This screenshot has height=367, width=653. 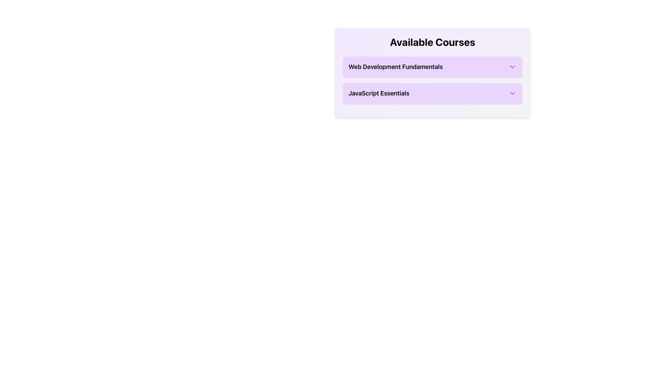 I want to click on the Text Label displaying 'JavaScript Essentials' in bold black font, located in the center-left of the second item under the 'Available Courses' section with a light purple background, so click(x=379, y=93).